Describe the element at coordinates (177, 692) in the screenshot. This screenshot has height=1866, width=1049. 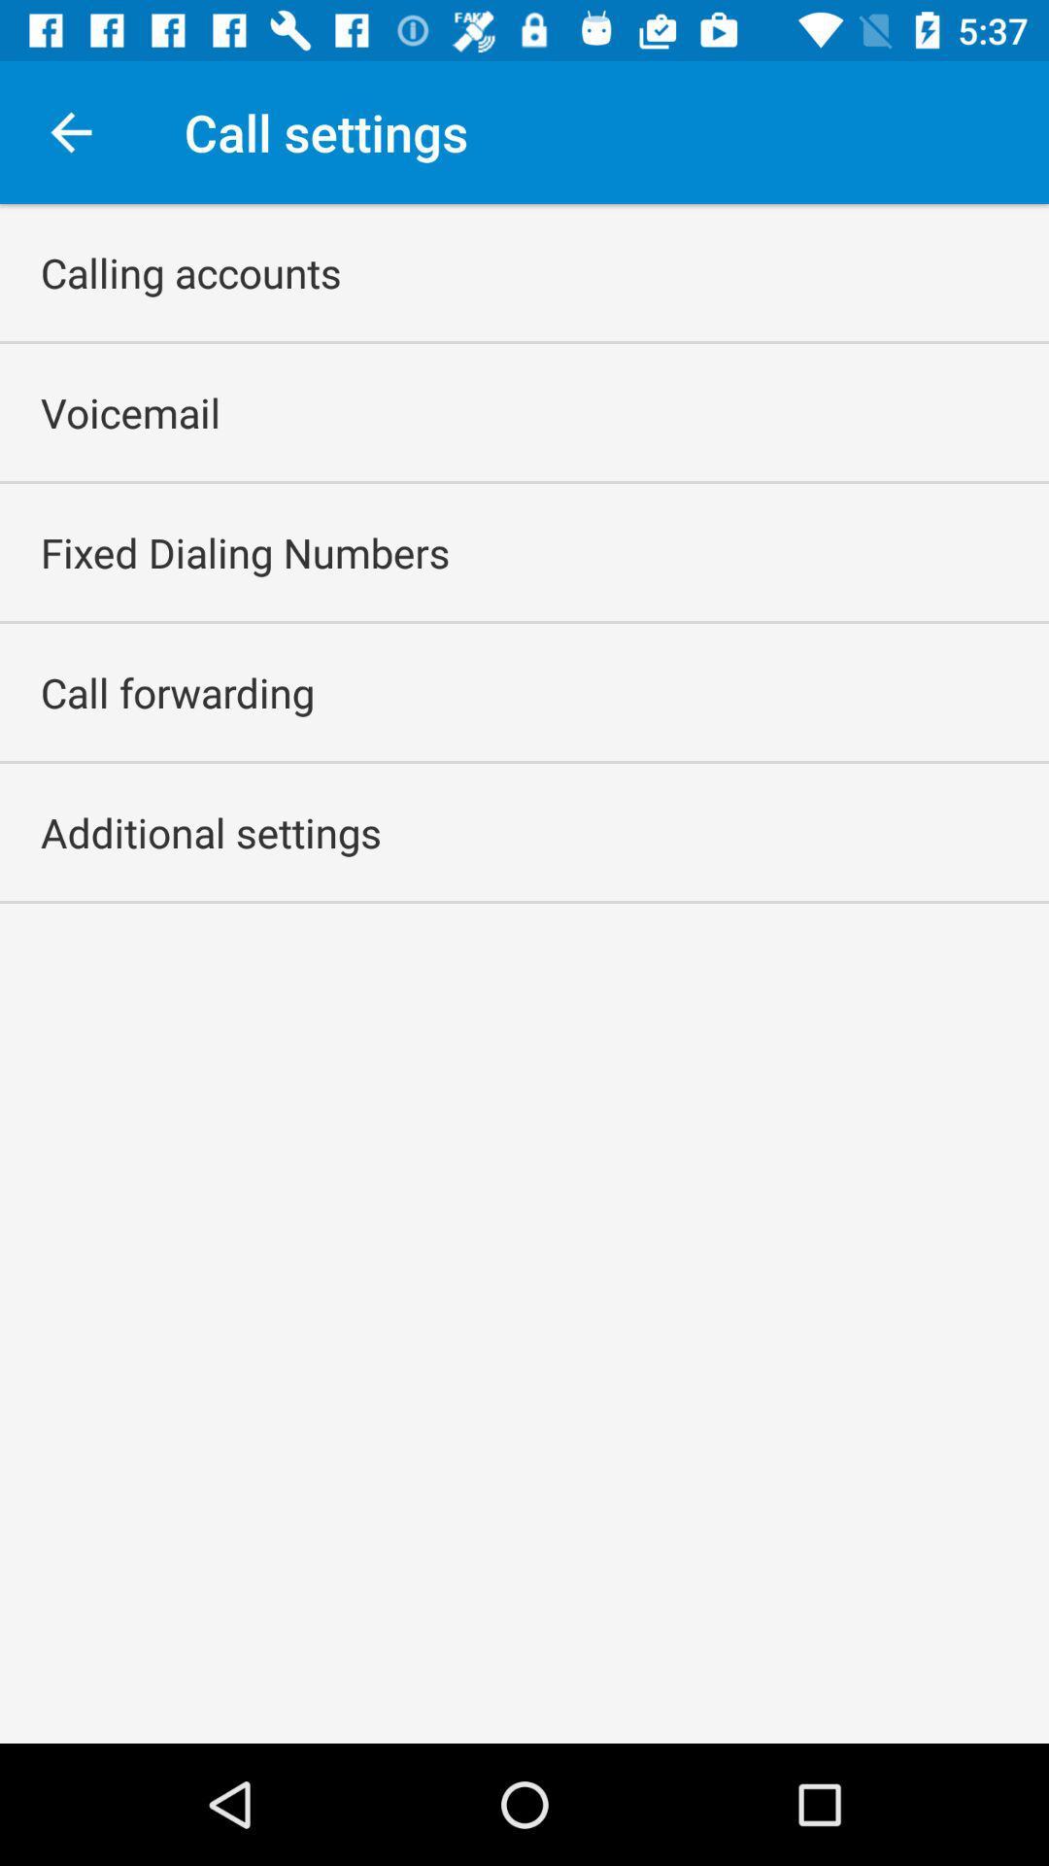
I see `the call forwarding icon` at that location.